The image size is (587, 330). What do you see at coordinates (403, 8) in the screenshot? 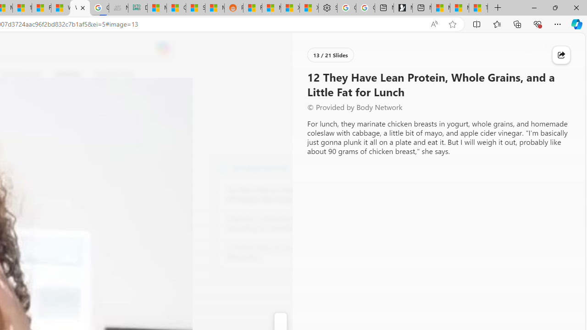
I see `'Microsoft Start Gaming'` at bounding box center [403, 8].